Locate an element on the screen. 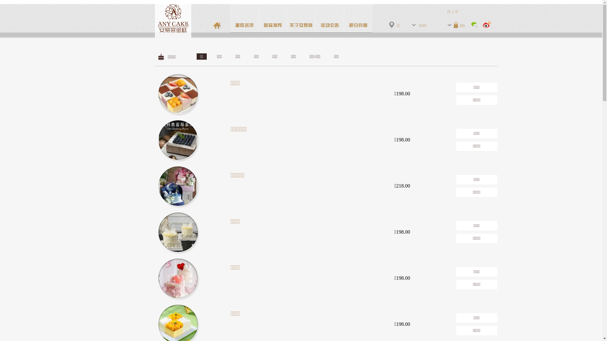 Image resolution: width=607 pixels, height=341 pixels. '(0)' is located at coordinates (459, 25).